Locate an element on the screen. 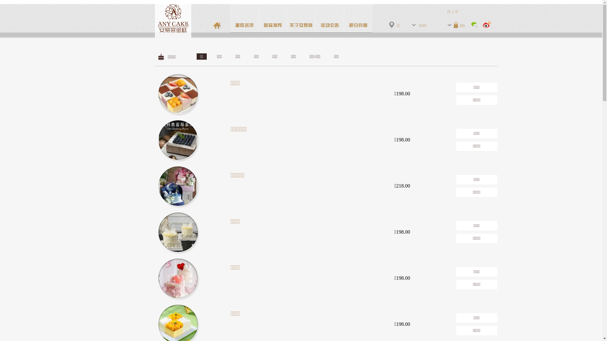 Image resolution: width=607 pixels, height=341 pixels. '(0)' is located at coordinates (459, 25).